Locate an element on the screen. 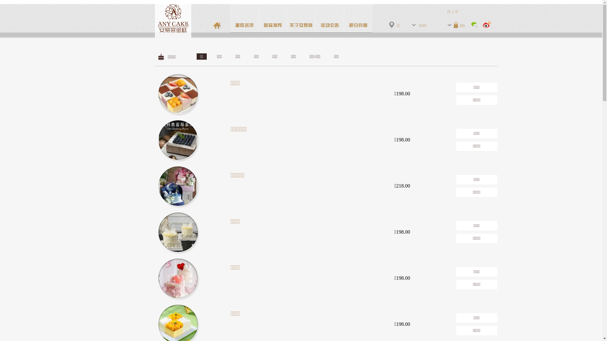 Image resolution: width=607 pixels, height=341 pixels. '(0)' is located at coordinates (459, 25).